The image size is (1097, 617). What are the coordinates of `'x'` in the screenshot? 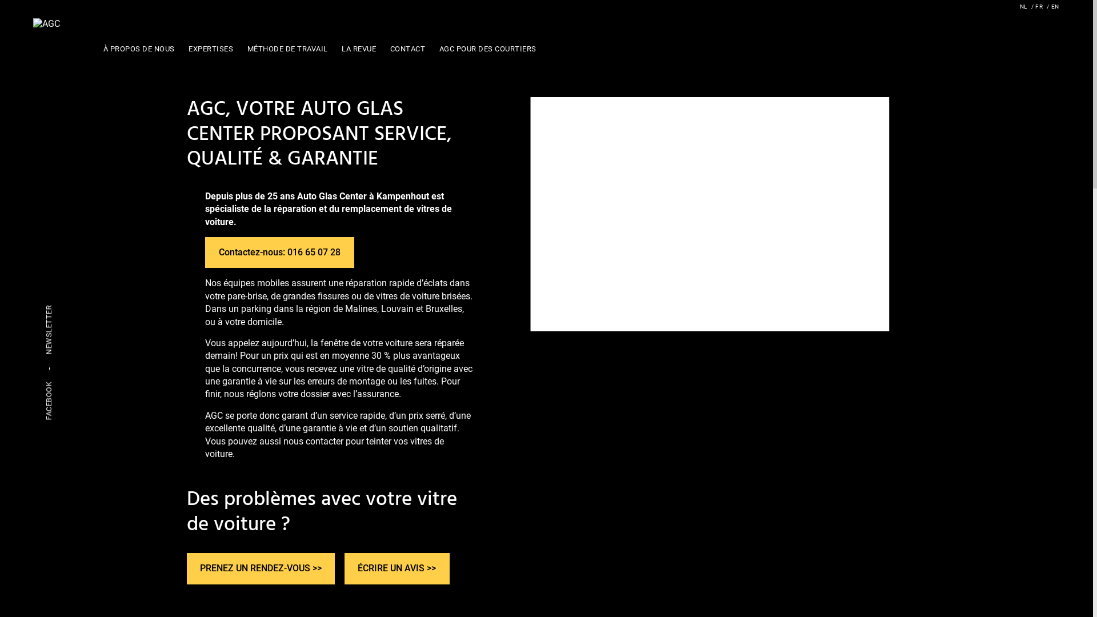 It's located at (559, 319).